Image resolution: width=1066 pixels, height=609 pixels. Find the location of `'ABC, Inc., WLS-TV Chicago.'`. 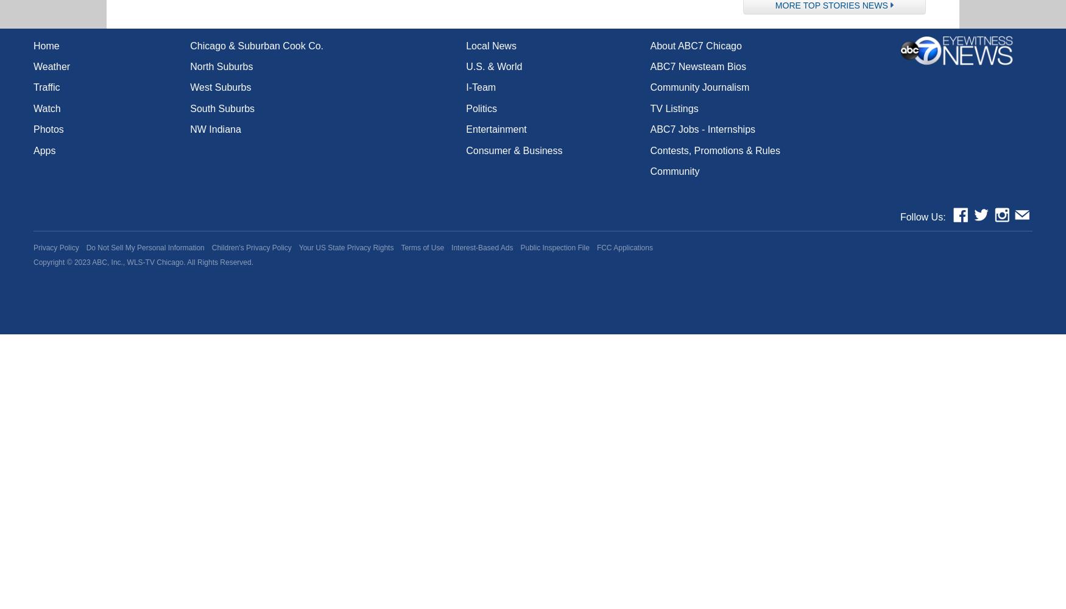

'ABC, Inc., WLS-TV Chicago.' is located at coordinates (138, 262).